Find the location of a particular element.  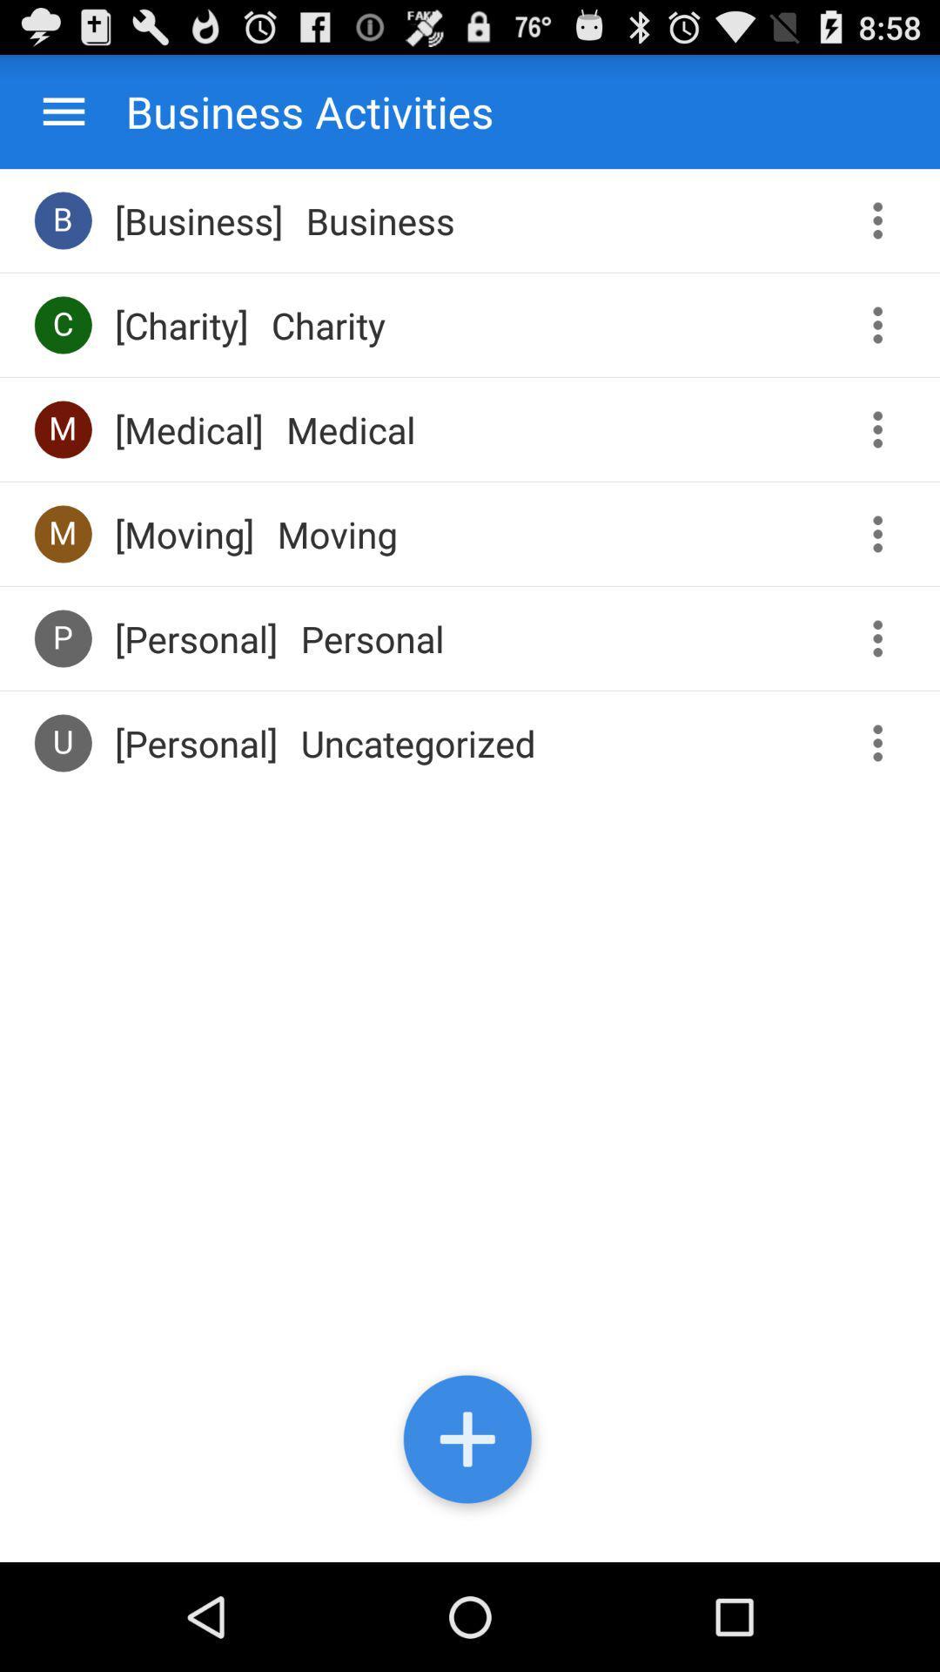

icon left to business is located at coordinates (63, 220).